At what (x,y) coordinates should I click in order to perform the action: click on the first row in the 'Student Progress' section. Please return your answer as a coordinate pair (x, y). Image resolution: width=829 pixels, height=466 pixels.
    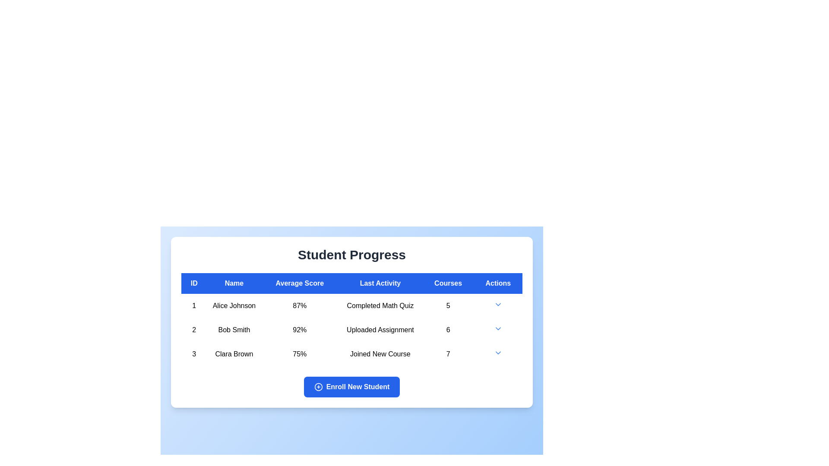
    Looking at the image, I should click on (352, 305).